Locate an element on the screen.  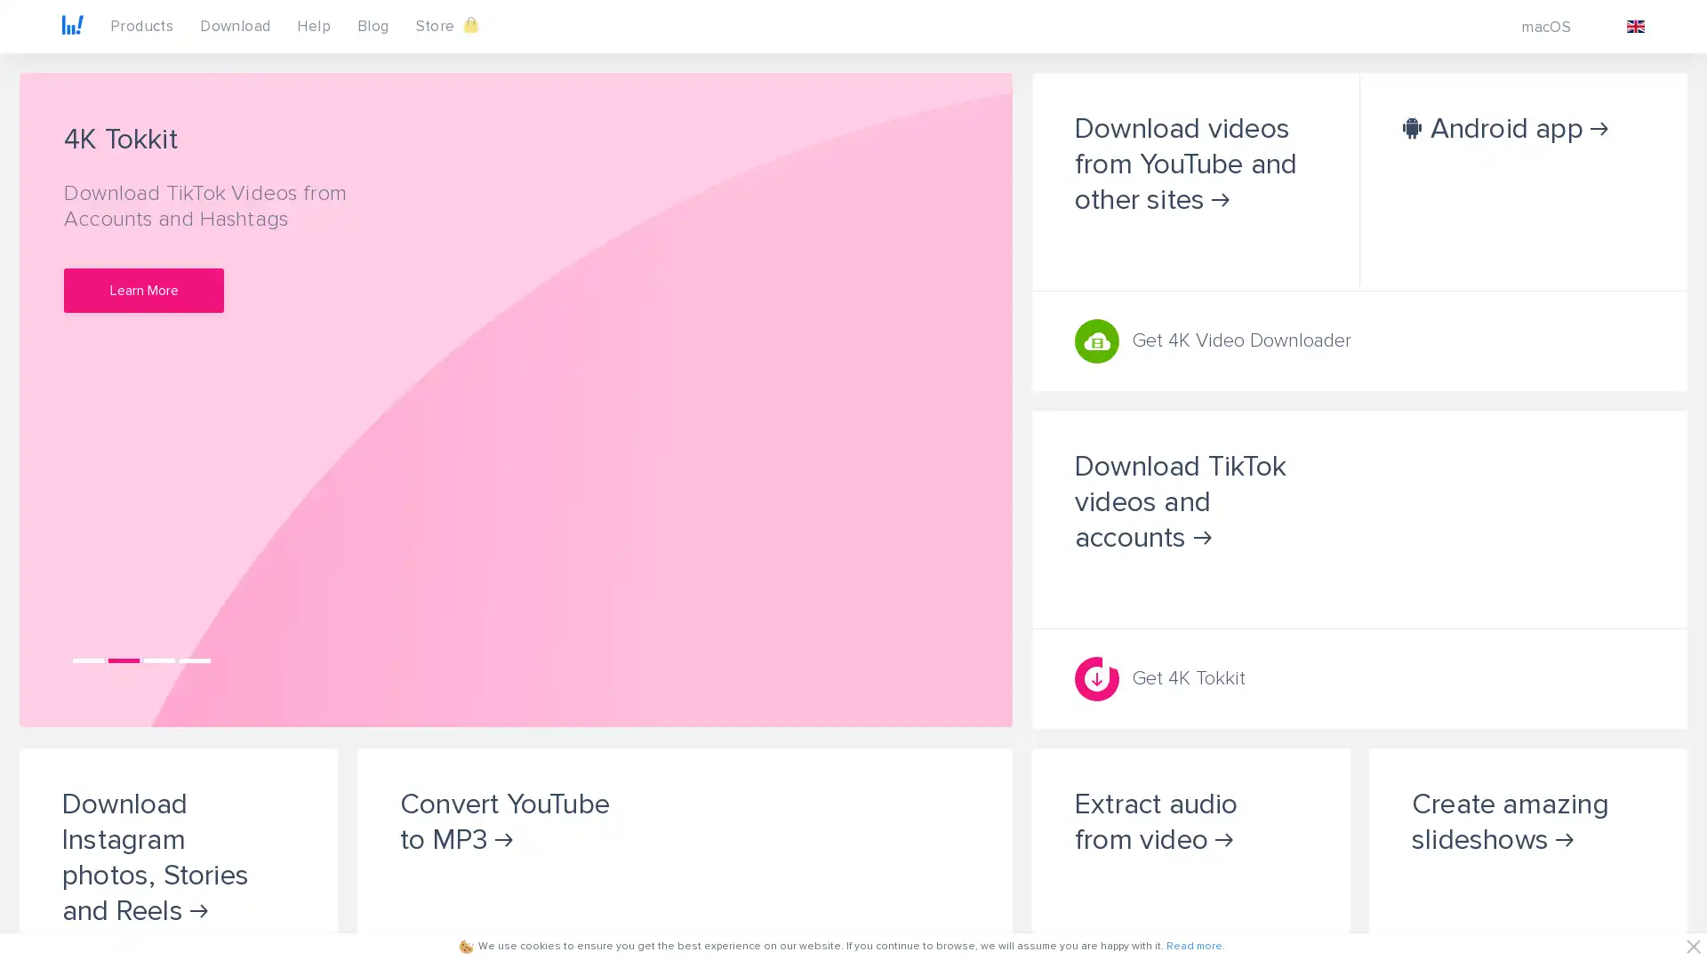
3 is located at coordinates (159, 660).